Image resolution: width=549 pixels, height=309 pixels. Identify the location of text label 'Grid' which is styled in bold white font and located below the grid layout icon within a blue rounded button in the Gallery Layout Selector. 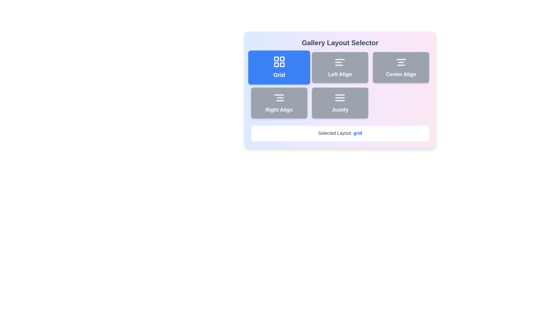
(279, 75).